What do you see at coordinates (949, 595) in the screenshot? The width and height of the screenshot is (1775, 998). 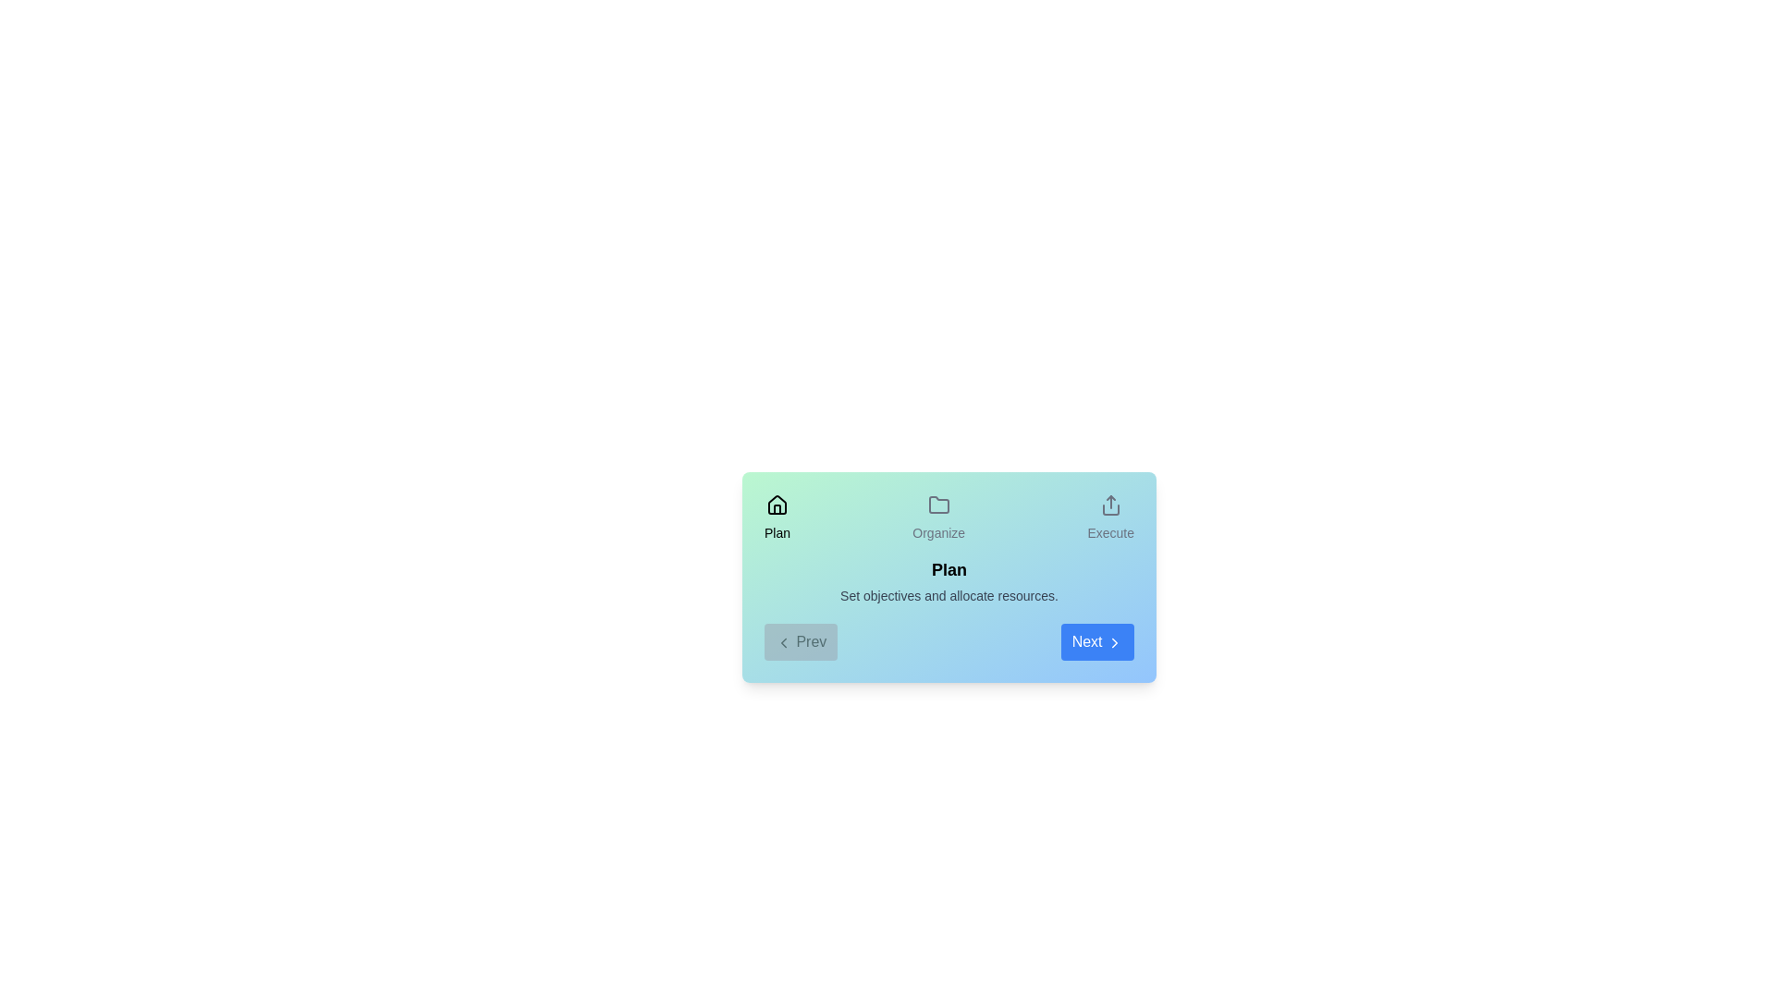 I see `the description text area to read the description for the current stage` at bounding box center [949, 595].